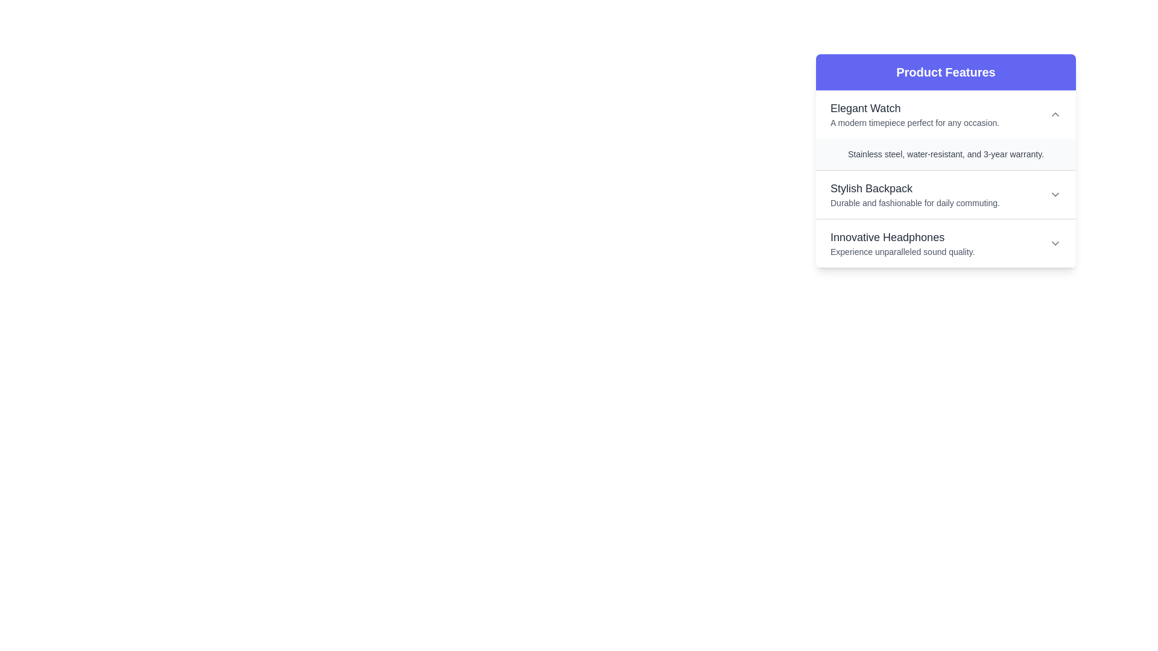 This screenshot has width=1158, height=651. What do you see at coordinates (945, 194) in the screenshot?
I see `the collapsible list item displaying product details in the 'Product Features' panel` at bounding box center [945, 194].